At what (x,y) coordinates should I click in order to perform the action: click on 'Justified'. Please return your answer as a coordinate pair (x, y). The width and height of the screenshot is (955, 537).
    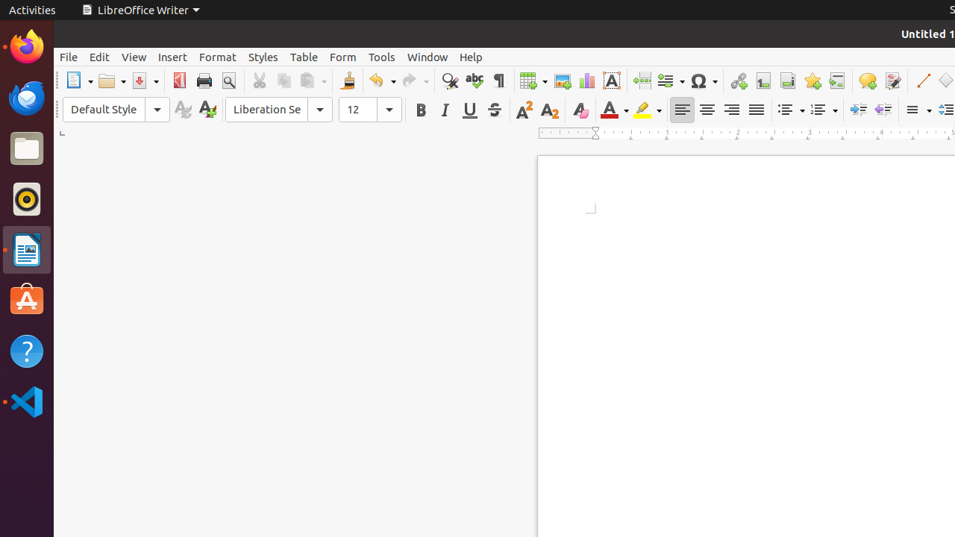
    Looking at the image, I should click on (756, 109).